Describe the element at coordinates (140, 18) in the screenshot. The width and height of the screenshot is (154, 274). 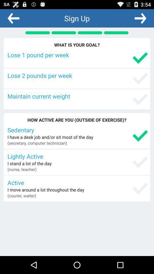
I see `next screen` at that location.